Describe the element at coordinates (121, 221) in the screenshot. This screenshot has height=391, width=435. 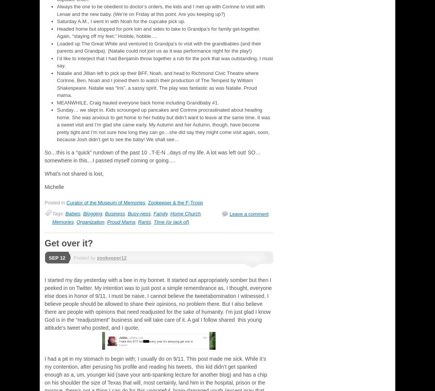
I see `'Proud Mama'` at that location.